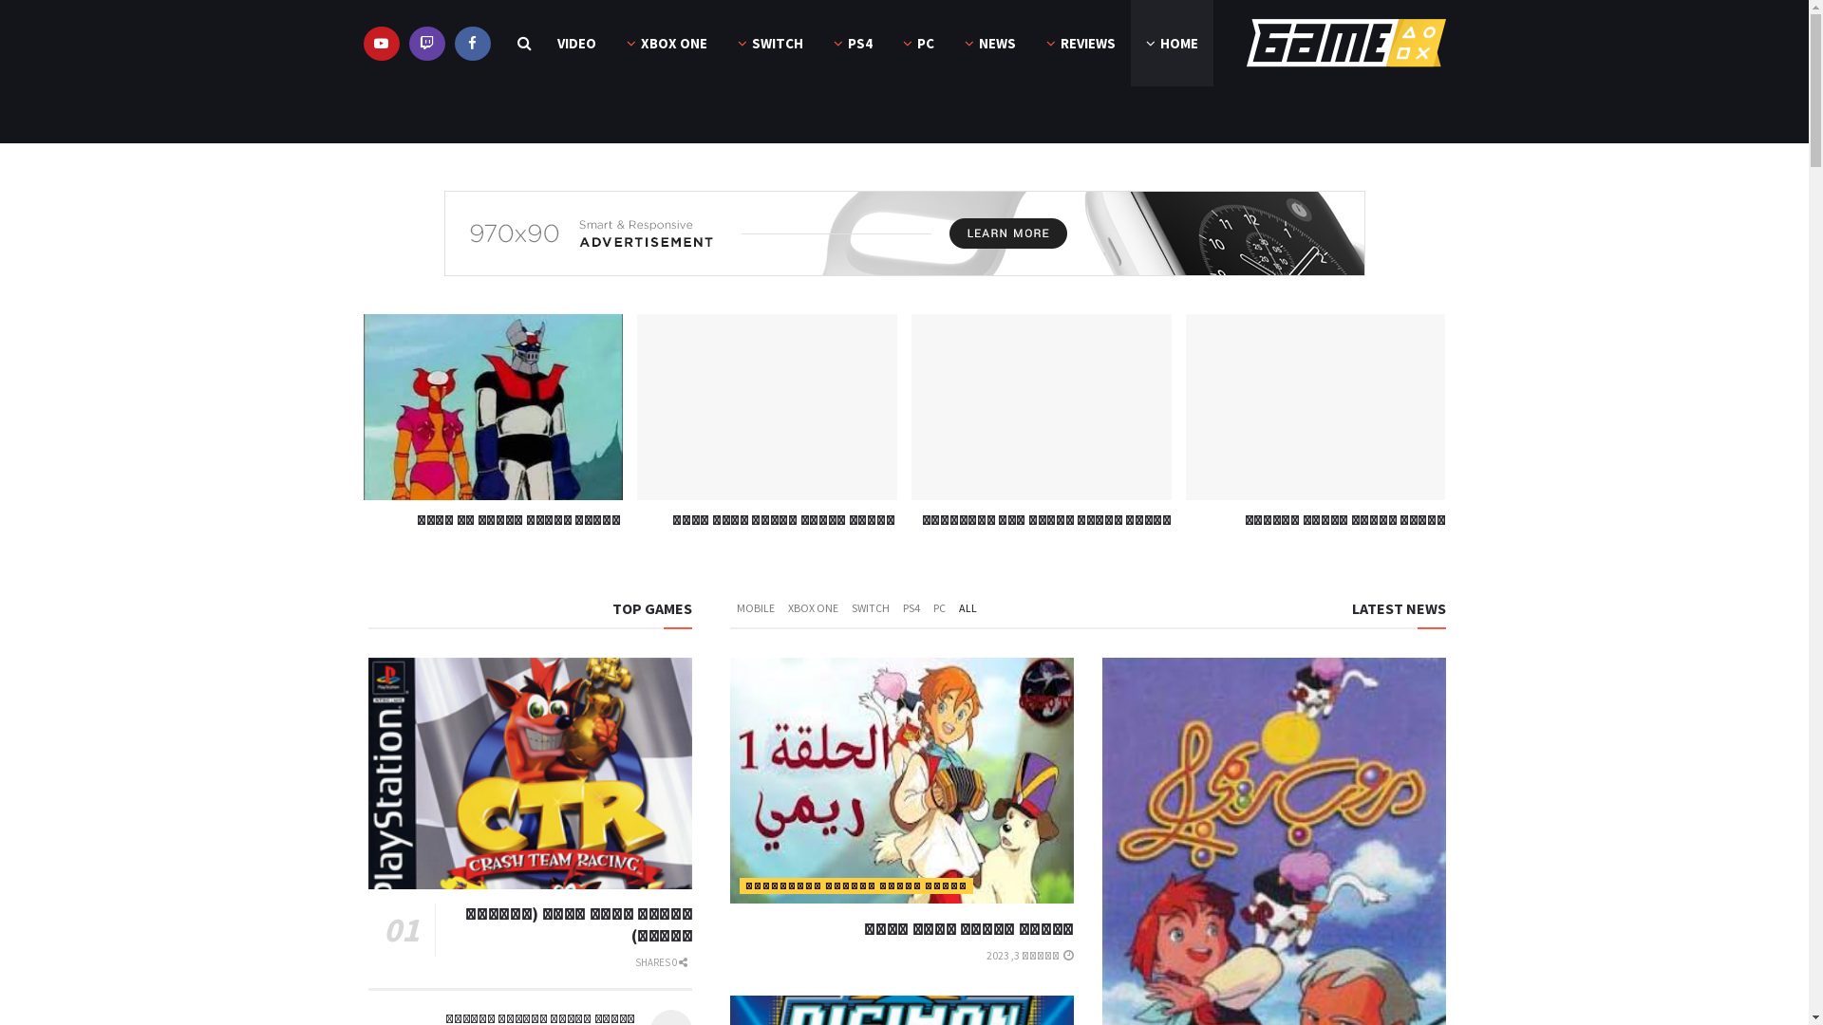  I want to click on 'PS4', so click(911, 607).